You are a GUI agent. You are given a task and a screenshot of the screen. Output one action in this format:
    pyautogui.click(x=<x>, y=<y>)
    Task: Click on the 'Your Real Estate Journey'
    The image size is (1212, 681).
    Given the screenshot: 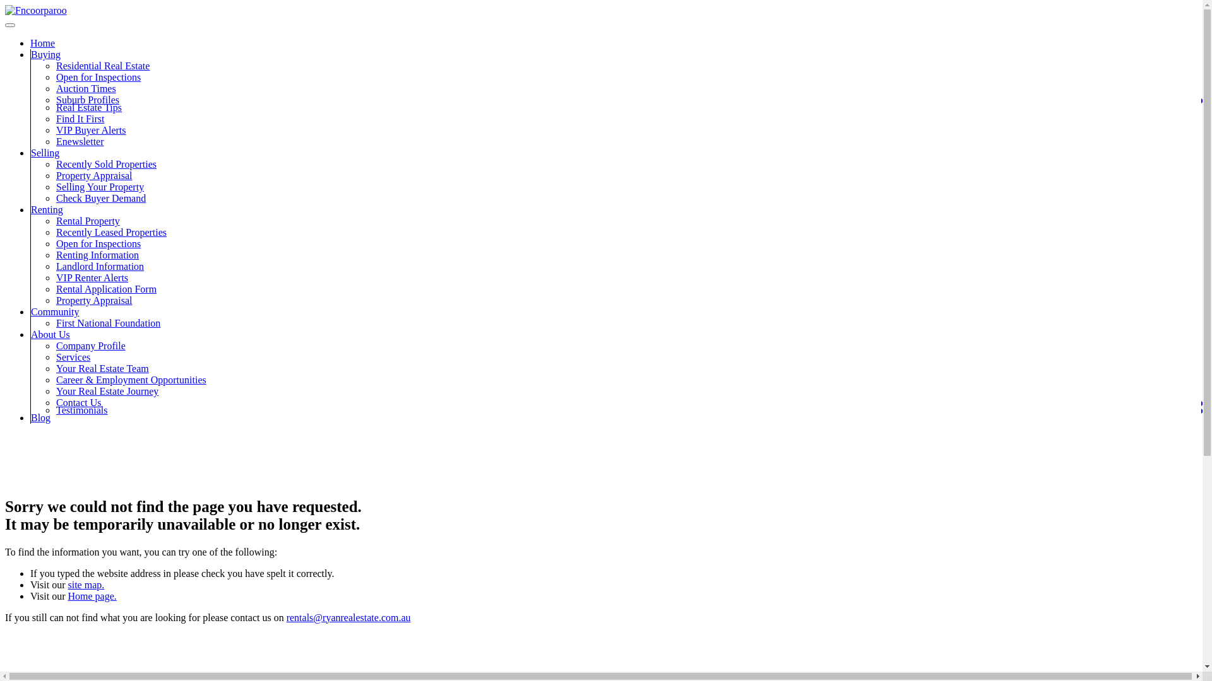 What is the action you would take?
    pyautogui.click(x=107, y=390)
    